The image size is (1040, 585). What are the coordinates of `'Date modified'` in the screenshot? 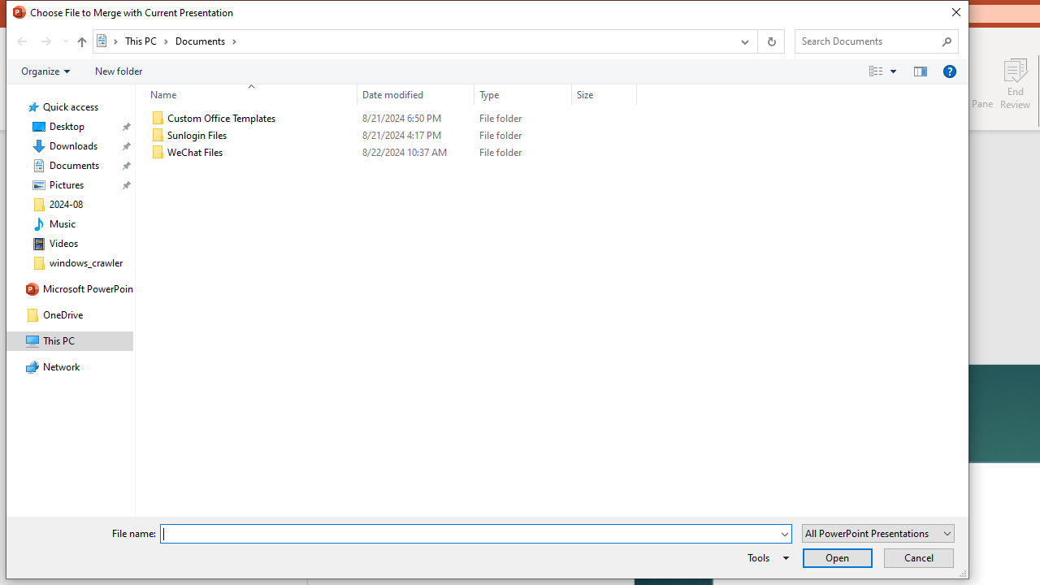 It's located at (416, 94).